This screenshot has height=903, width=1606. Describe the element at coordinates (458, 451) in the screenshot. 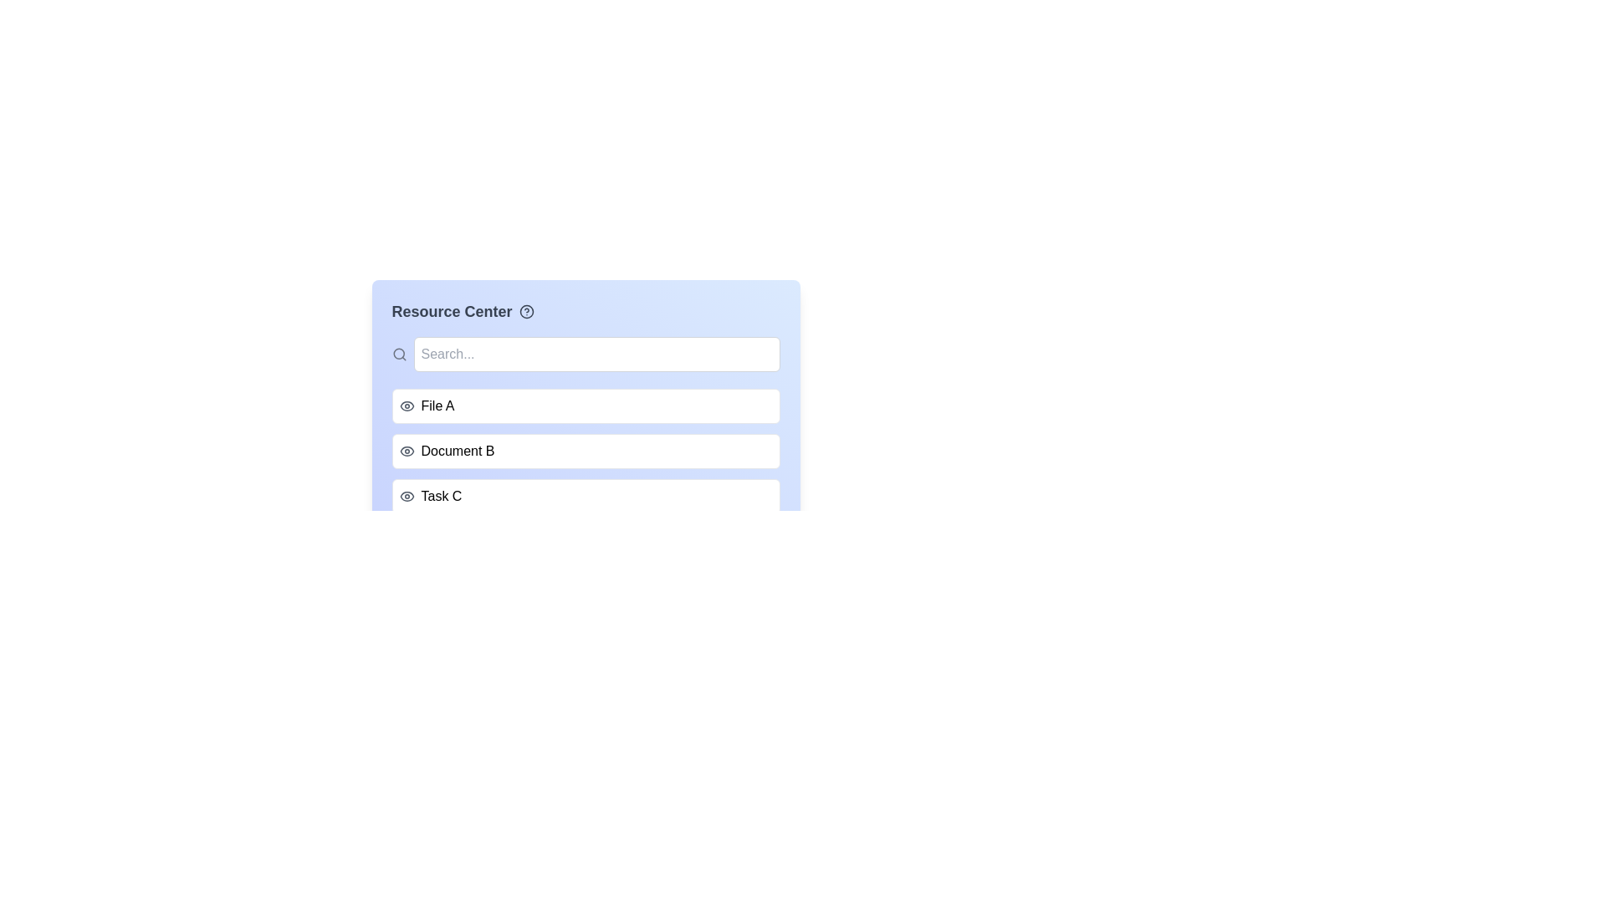

I see `text label displaying 'Document B' which is the second item in the vertical list of the 'Resource Center', positioned next to an eye-shaped icon` at that location.